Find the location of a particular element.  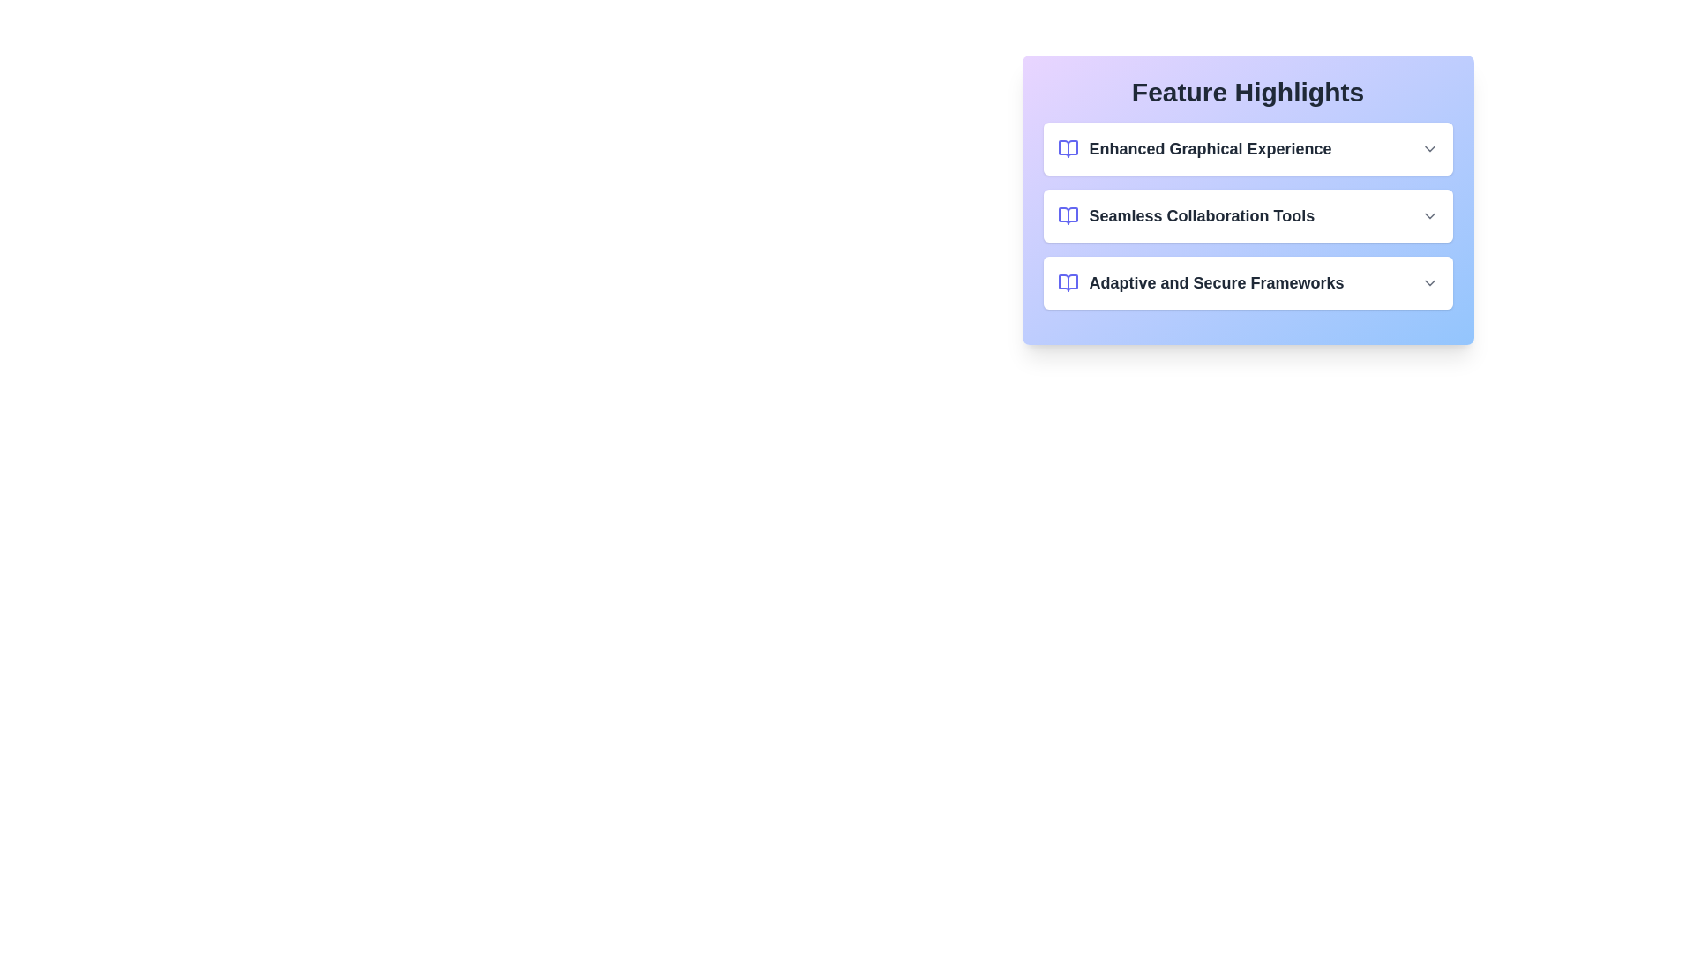

the blue outlined book-like icon located to the left of the text 'Enhanced Graphical Experience' in the Feature Highlights section is located at coordinates (1067, 148).